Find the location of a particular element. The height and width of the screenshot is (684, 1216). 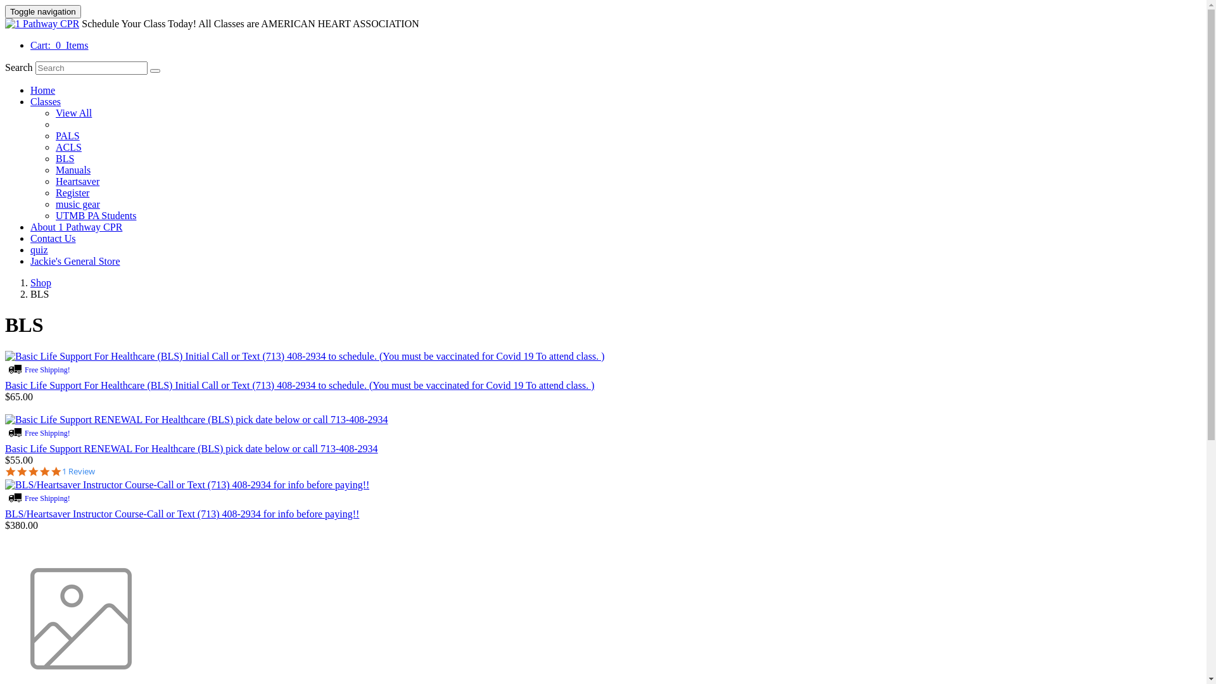

'PALS' is located at coordinates (66, 136).